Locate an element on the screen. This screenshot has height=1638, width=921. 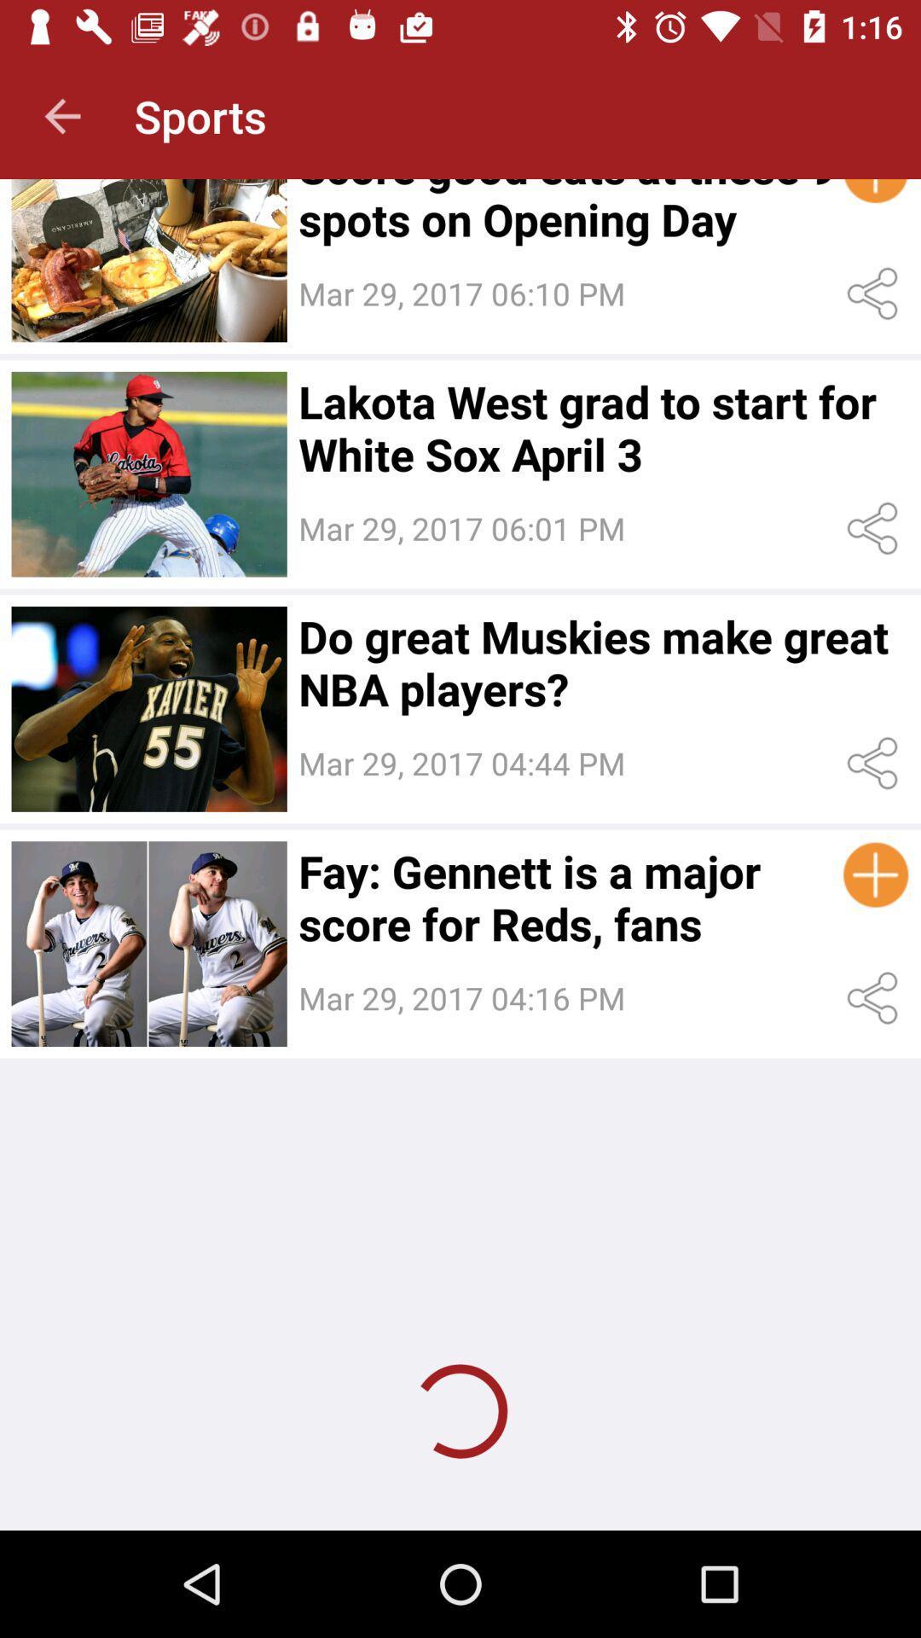
icon next to the sports app is located at coordinates (61, 115).